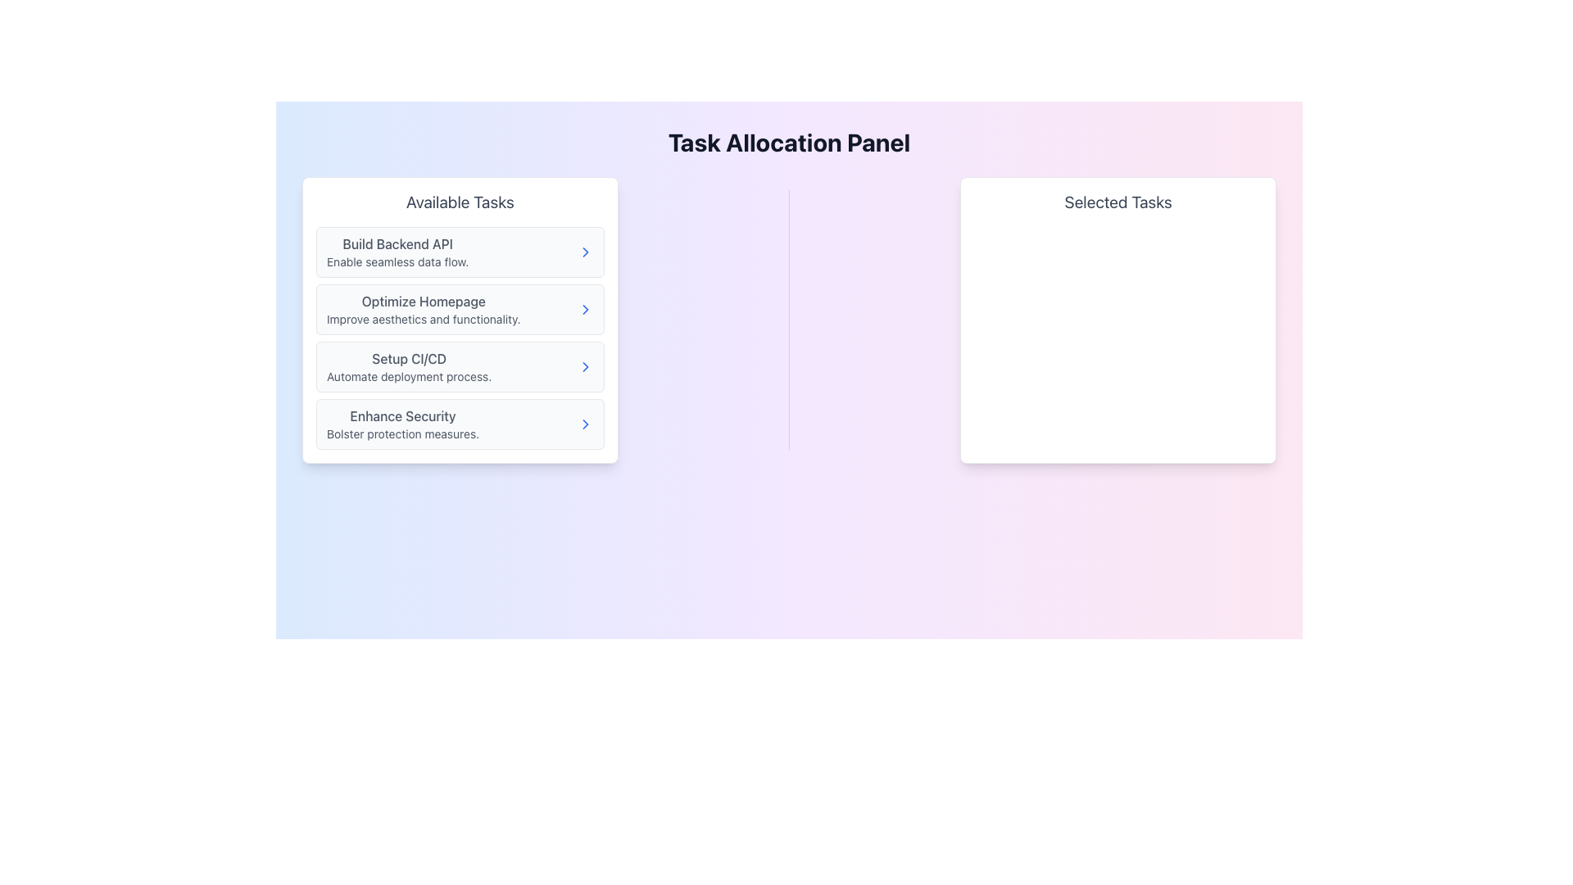 Image resolution: width=1573 pixels, height=885 pixels. What do you see at coordinates (789, 320) in the screenshot?
I see `the vertical divider line that separates 'Available Tasks' and 'Selected Tasks' in the task allocation panel` at bounding box center [789, 320].